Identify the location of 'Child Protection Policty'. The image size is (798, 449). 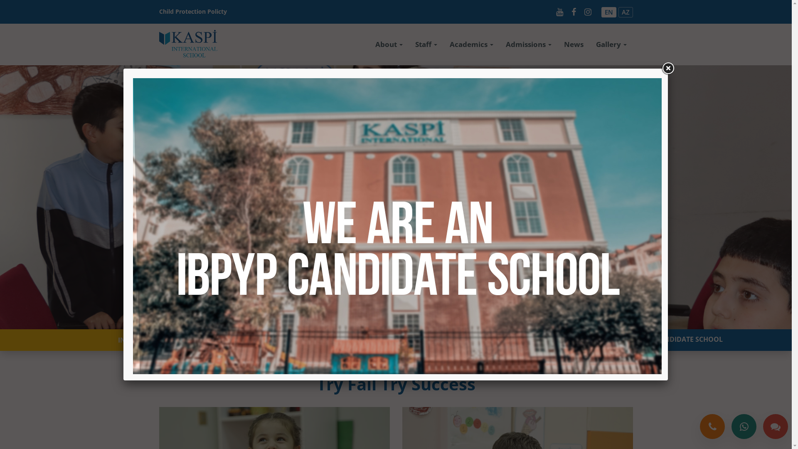
(192, 11).